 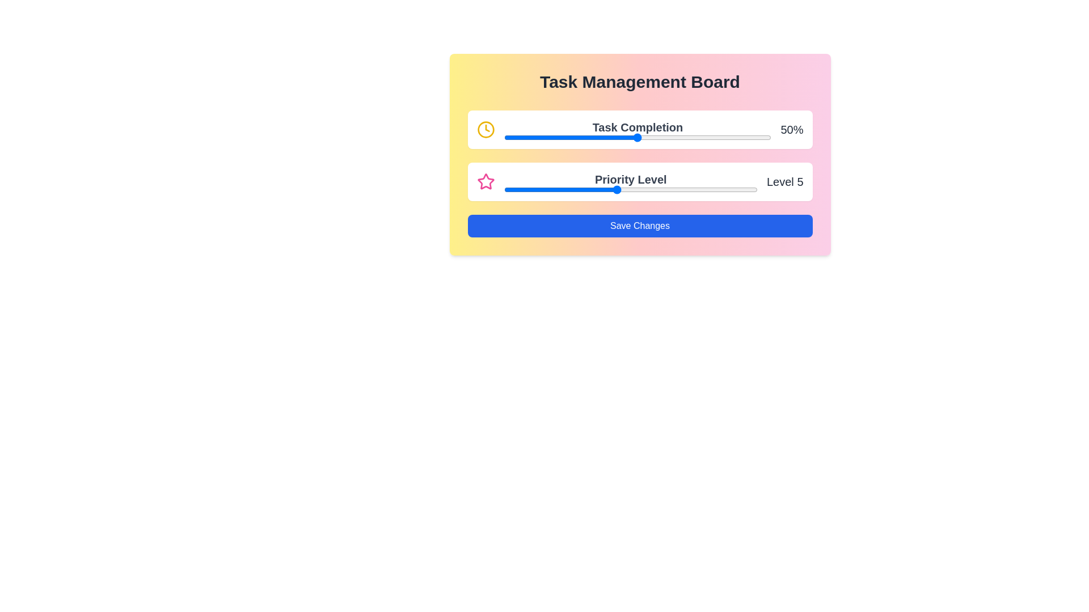 I want to click on task completion, so click(x=672, y=135).